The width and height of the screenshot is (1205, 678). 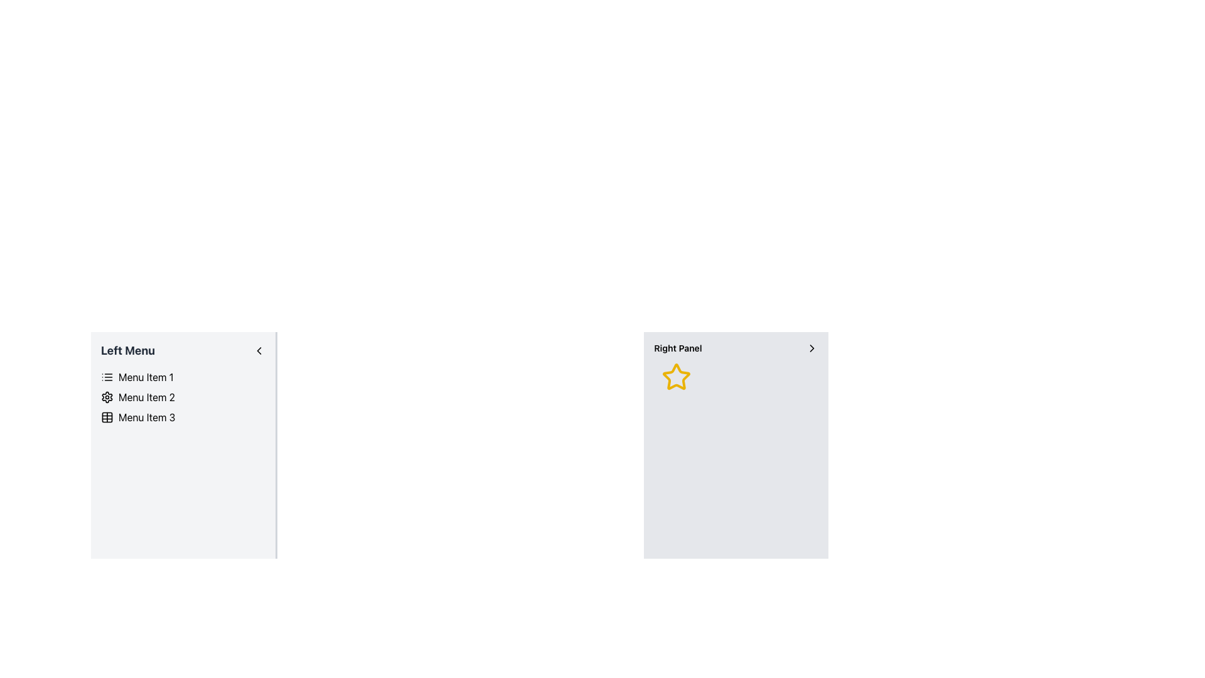 What do you see at coordinates (147, 417) in the screenshot?
I see `the third menu item text label with an associated icon in the left panel` at bounding box center [147, 417].